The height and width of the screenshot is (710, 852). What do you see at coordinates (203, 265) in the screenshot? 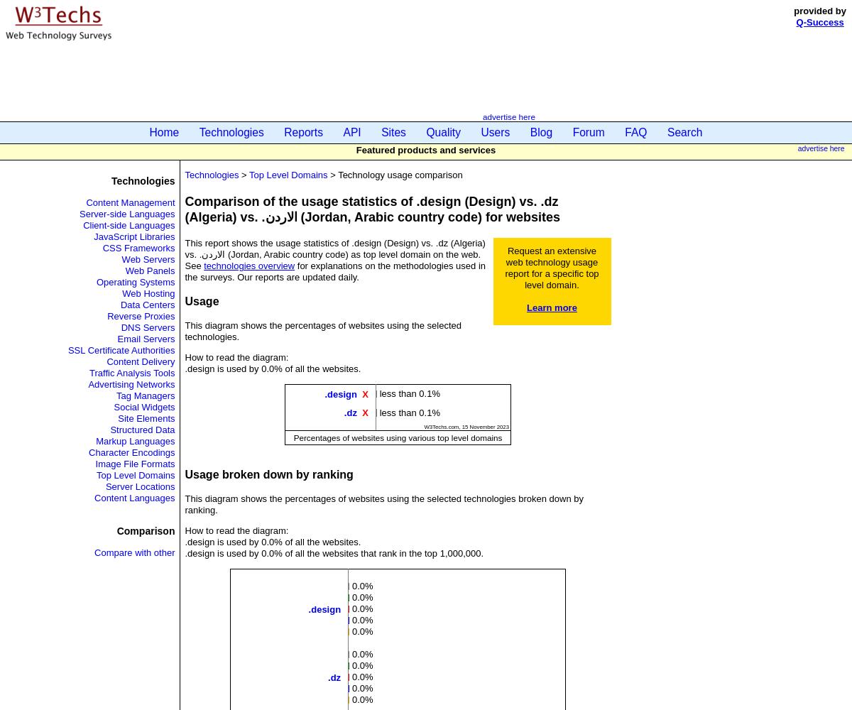
I see `'technologies overview'` at bounding box center [203, 265].